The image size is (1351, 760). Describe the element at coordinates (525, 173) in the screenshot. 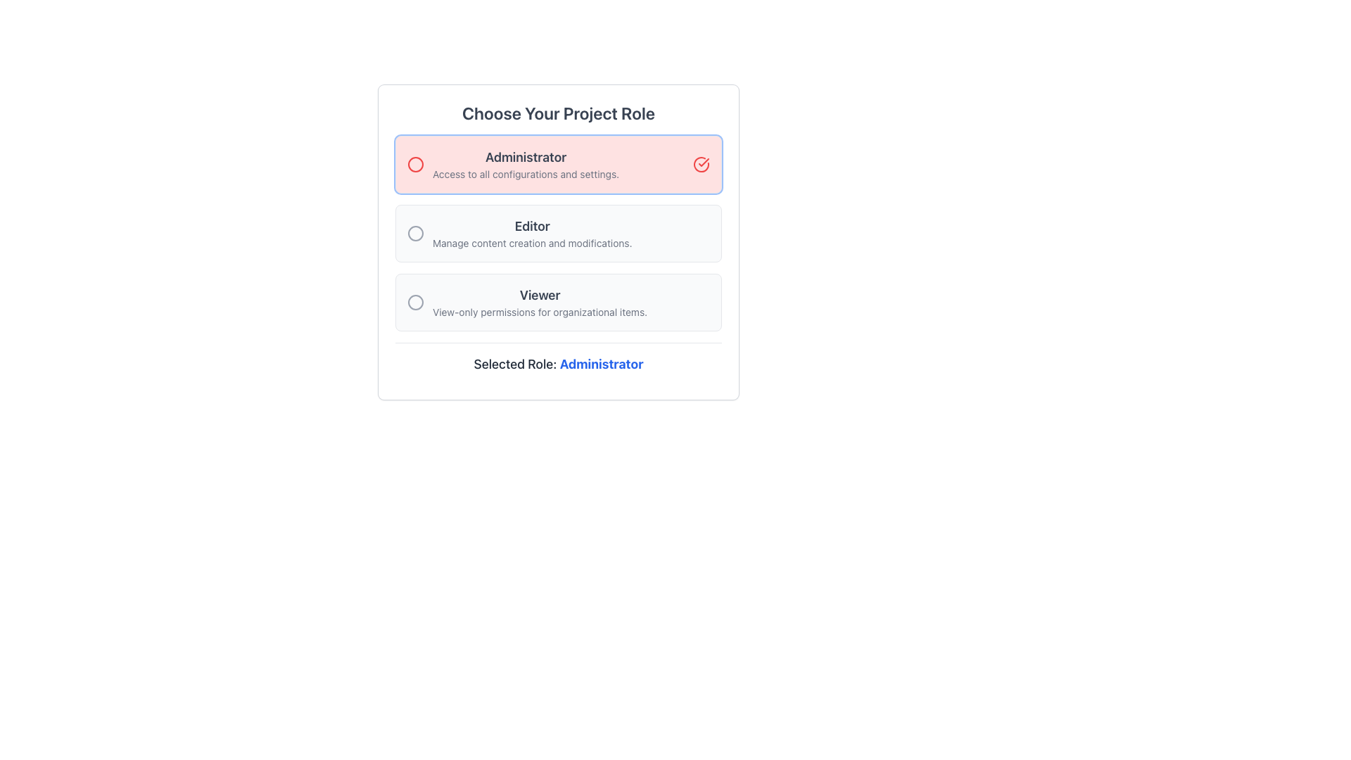

I see `the descriptive label located below the 'Administrator' selection option within the selection card` at that location.